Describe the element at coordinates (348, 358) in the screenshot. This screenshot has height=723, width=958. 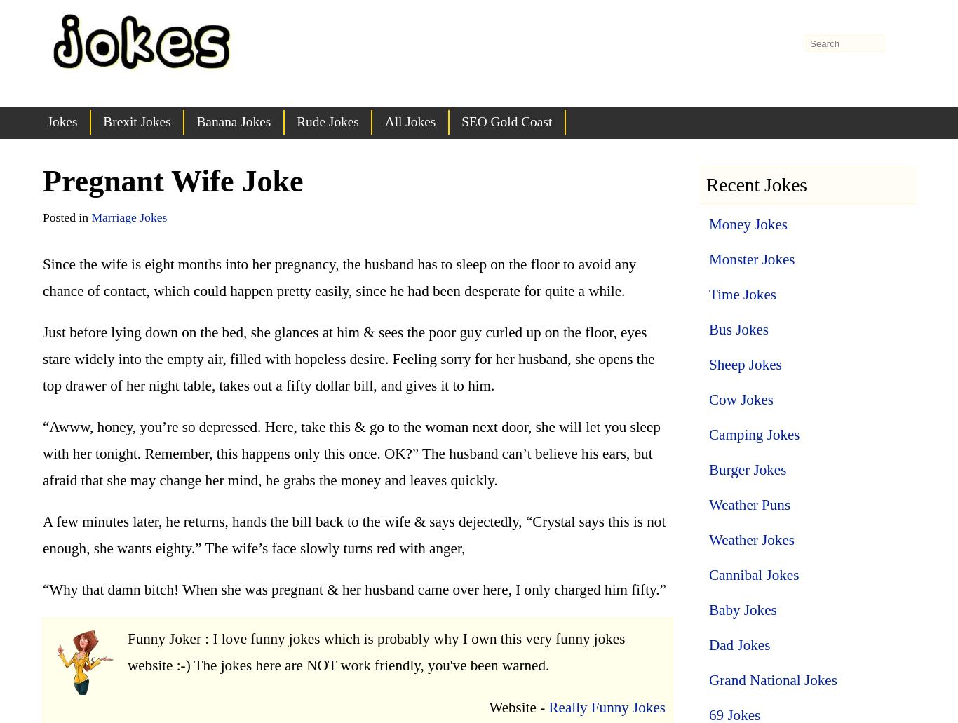
I see `'Just before lying down on the bed, she glances at him & sees the poor guy curled up on the floor, eyes stare widely into the empty air, filled with hopeless desire. Feeling sorry for her husband, she opens the top drawer of her night table, takes out a fifty dollar bill, and gives it to him.'` at that location.